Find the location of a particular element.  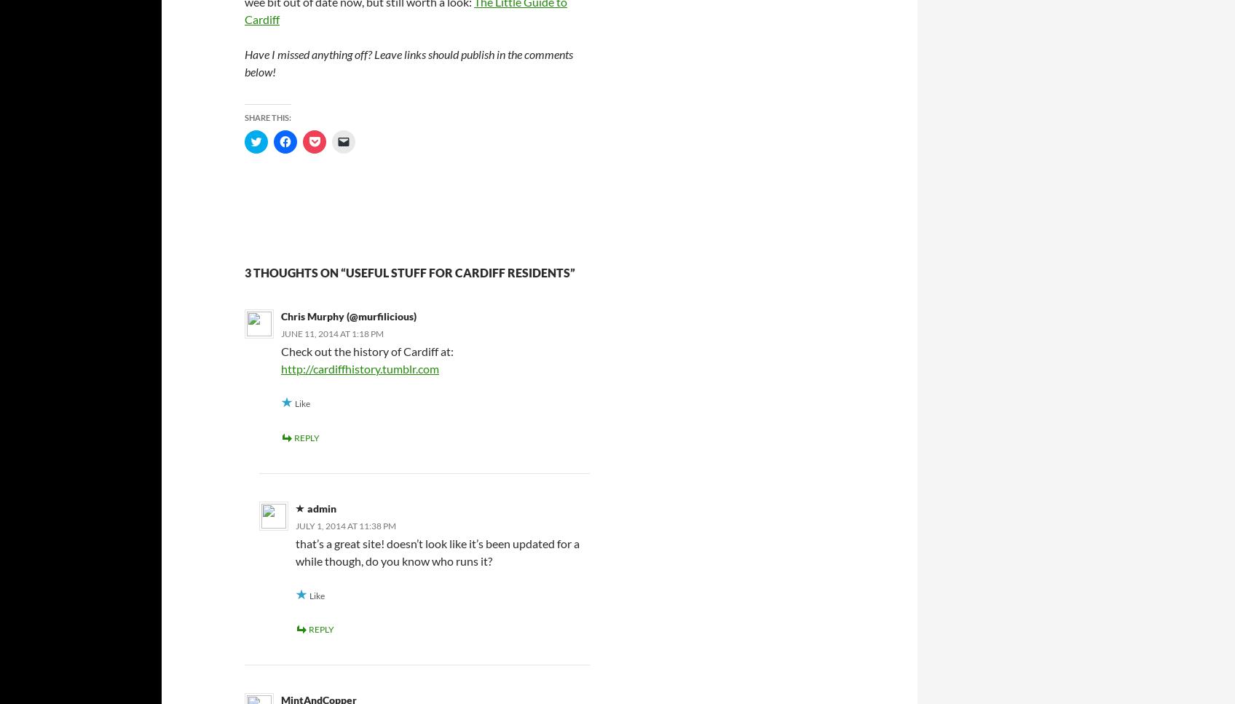

'Check out the history of Cardiff at:' is located at coordinates (366, 351).